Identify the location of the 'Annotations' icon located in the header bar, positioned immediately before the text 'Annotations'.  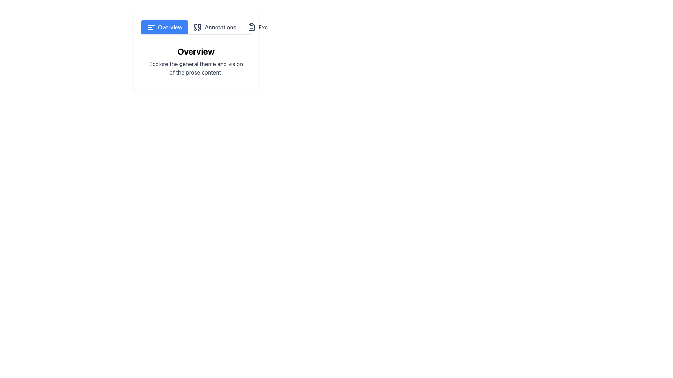
(197, 27).